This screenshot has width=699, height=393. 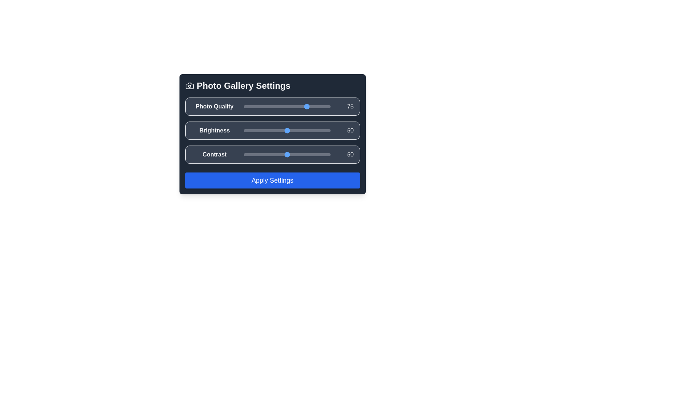 What do you see at coordinates (295, 130) in the screenshot?
I see `brightness` at bounding box center [295, 130].